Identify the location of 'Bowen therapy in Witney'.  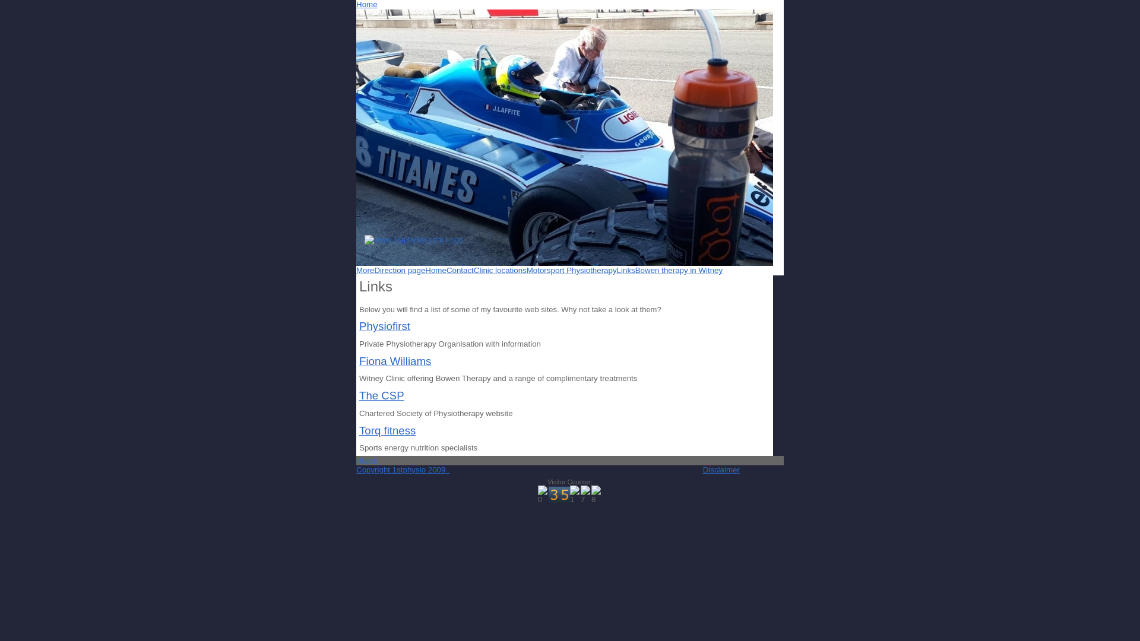
(679, 270).